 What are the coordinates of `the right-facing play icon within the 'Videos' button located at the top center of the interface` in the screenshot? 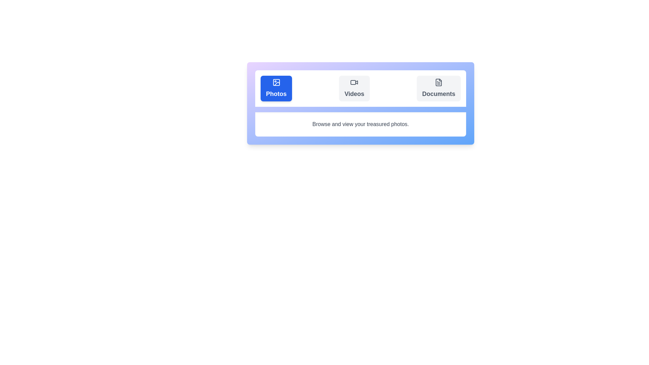 It's located at (356, 82).